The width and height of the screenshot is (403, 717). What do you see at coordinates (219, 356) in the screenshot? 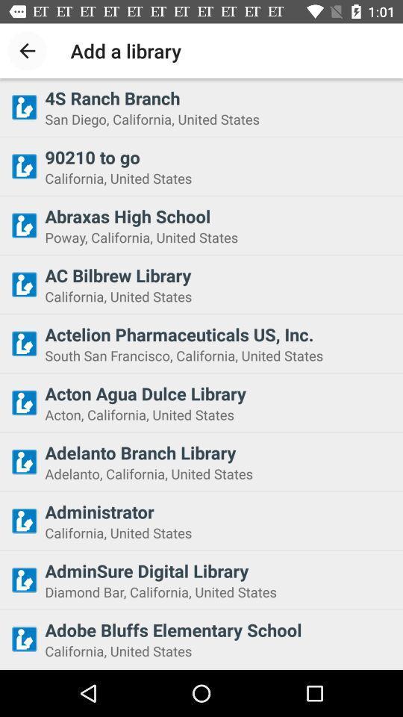
I see `the south san francisco` at bounding box center [219, 356].